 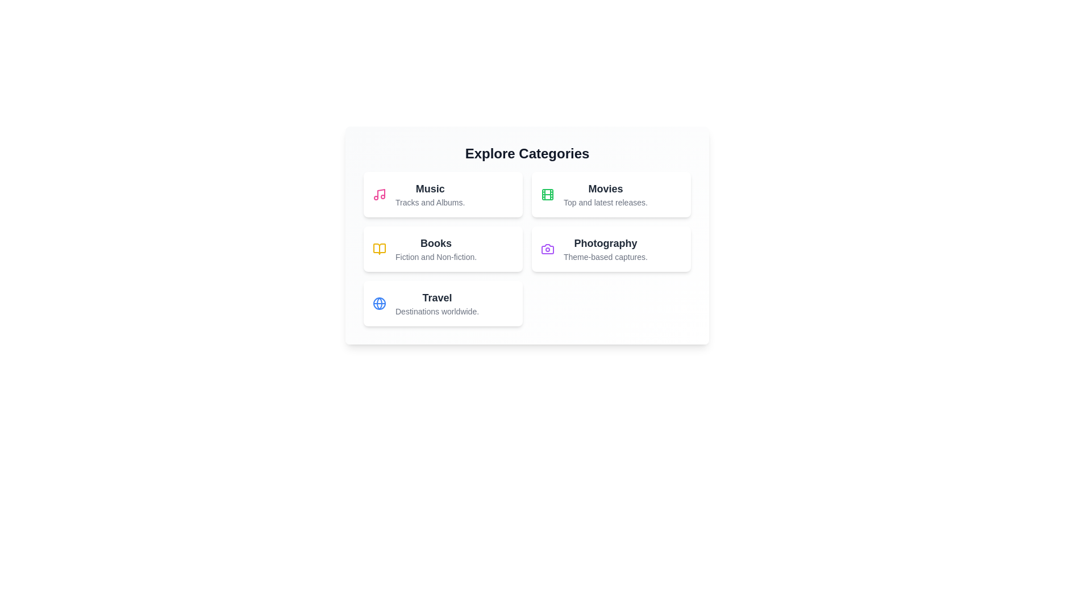 What do you see at coordinates (610, 249) in the screenshot?
I see `the category card corresponding to Photography` at bounding box center [610, 249].